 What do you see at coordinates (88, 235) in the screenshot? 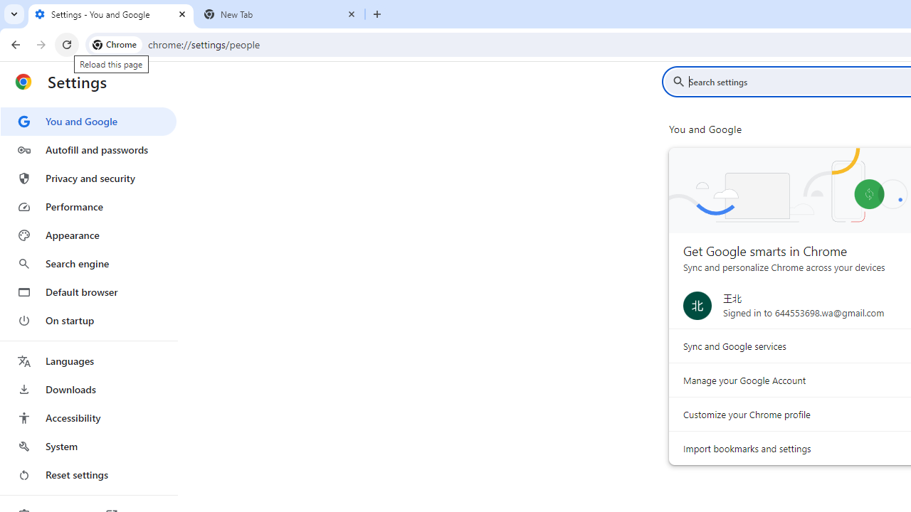
I see `'Appearance'` at bounding box center [88, 235].